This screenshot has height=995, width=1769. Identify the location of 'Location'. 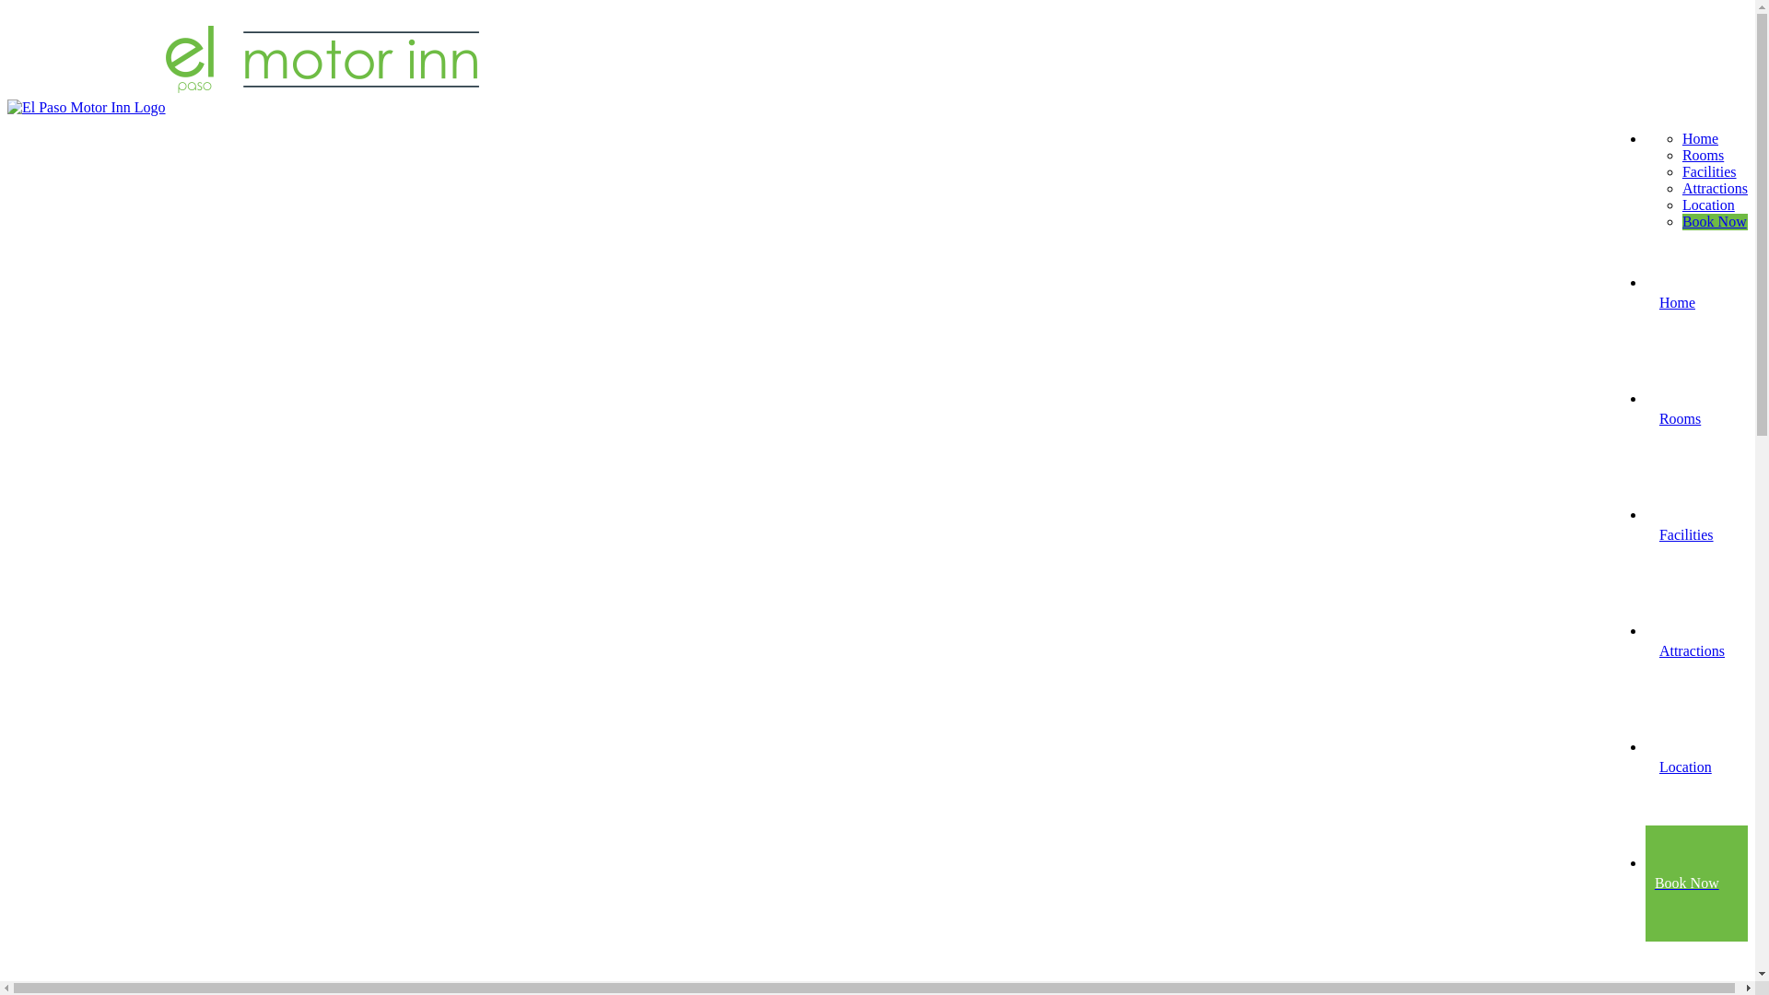
(1707, 205).